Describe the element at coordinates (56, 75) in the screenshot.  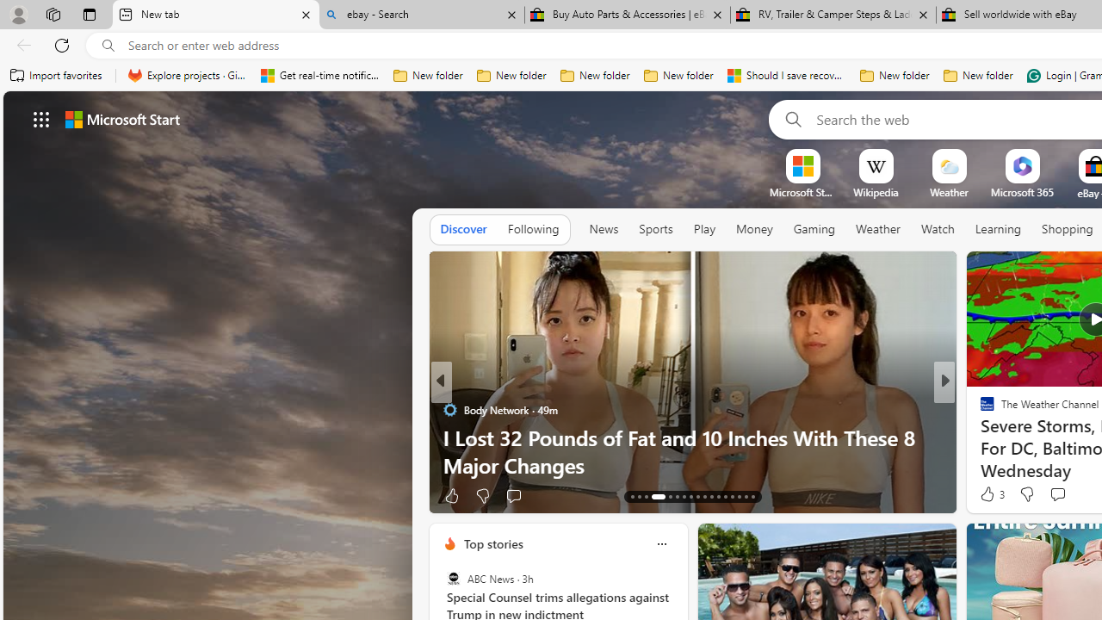
I see `'Import favorites'` at that location.